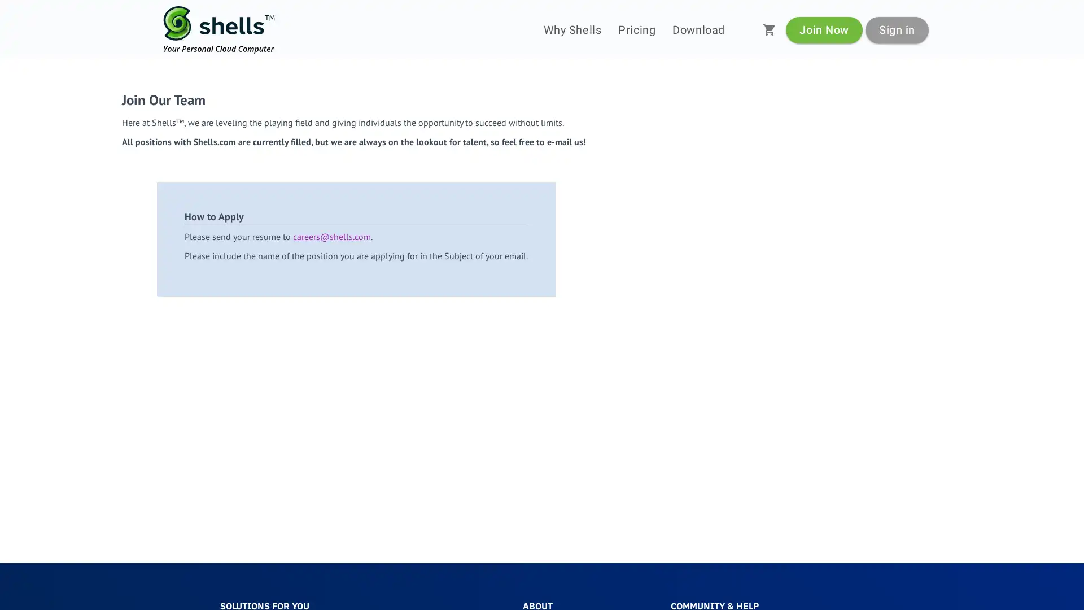  Describe the element at coordinates (637, 29) in the screenshot. I see `Pricing` at that location.